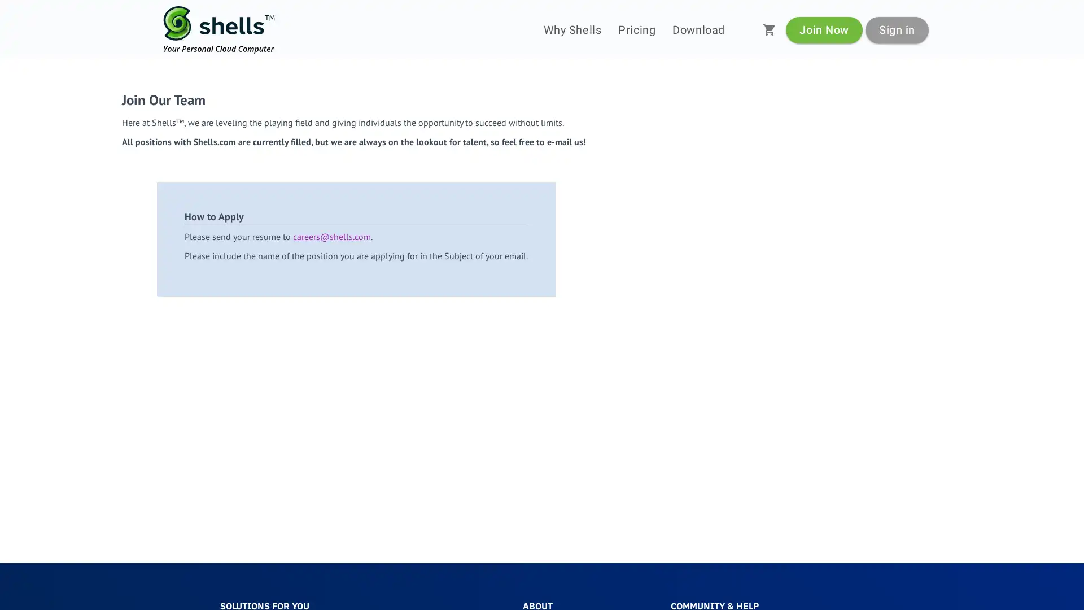  Describe the element at coordinates (637, 29) in the screenshot. I see `Pricing` at that location.